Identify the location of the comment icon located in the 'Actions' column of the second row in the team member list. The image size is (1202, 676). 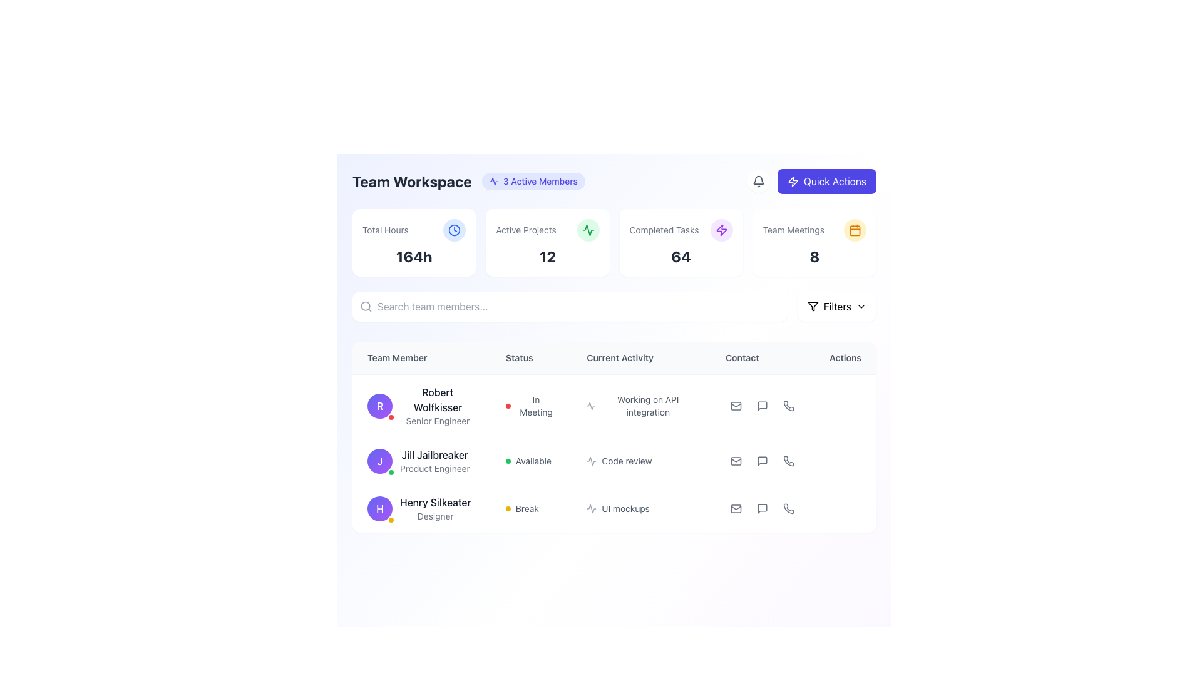
(762, 461).